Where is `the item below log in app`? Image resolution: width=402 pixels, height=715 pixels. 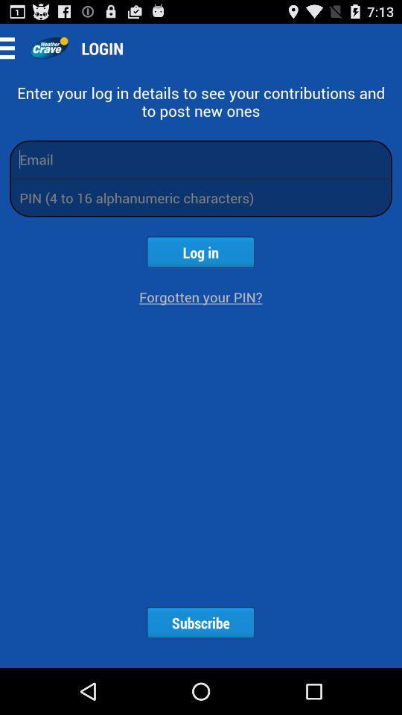
the item below log in app is located at coordinates (200, 296).